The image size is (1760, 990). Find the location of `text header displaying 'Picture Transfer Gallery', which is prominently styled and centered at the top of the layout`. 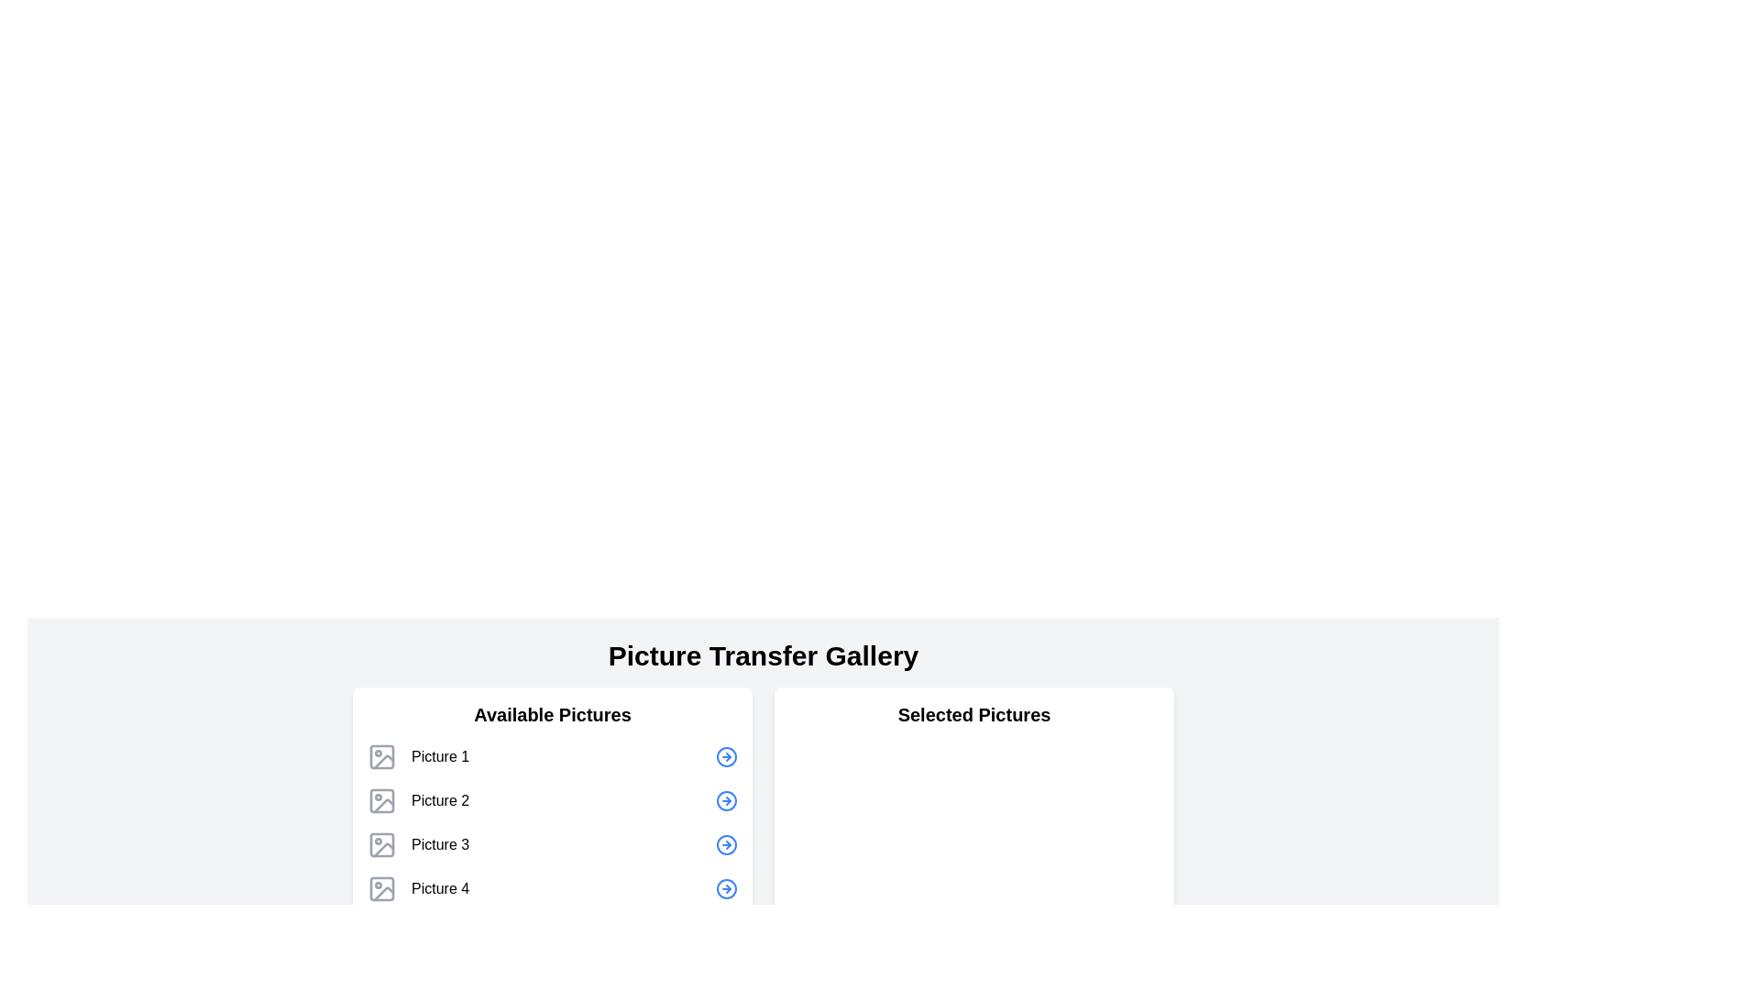

text header displaying 'Picture Transfer Gallery', which is prominently styled and centered at the top of the layout is located at coordinates (764, 655).